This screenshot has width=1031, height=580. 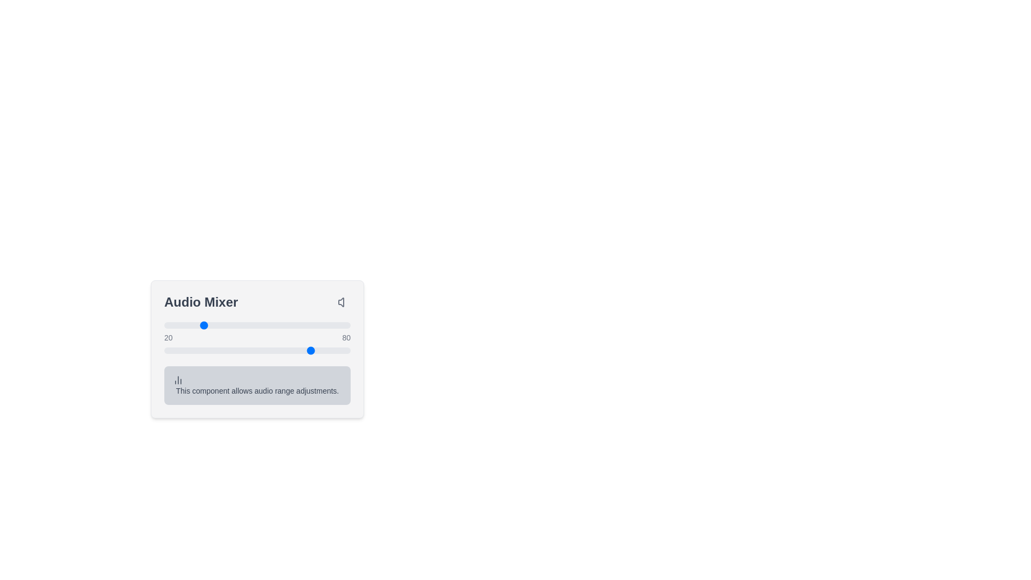 What do you see at coordinates (257, 349) in the screenshot?
I see `description of the 'Audio Mixer' component, which allows audio range adjustments and is visually represented within a bordered card with sliders and an informational box` at bounding box center [257, 349].